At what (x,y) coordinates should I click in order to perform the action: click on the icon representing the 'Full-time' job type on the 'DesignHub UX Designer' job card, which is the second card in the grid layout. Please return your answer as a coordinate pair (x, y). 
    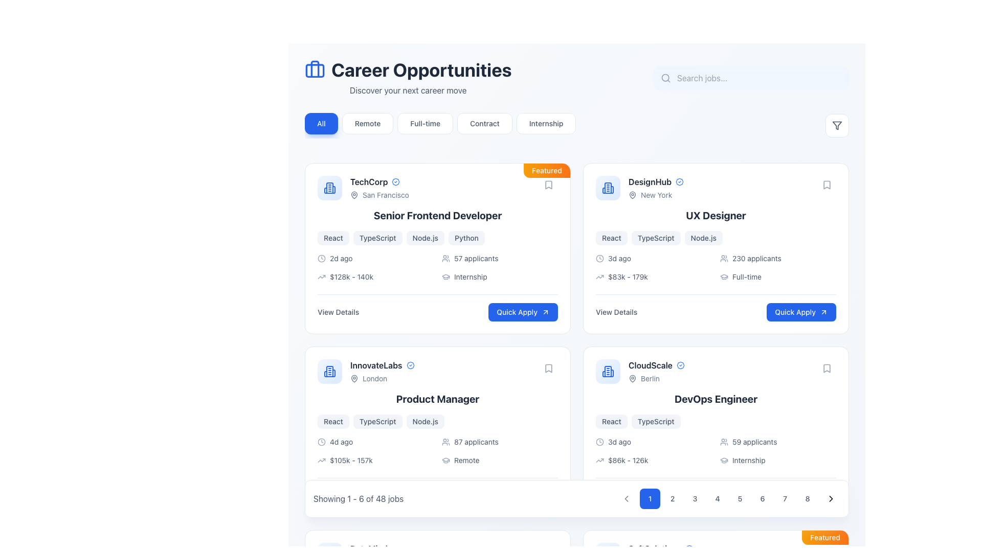
    Looking at the image, I should click on (724, 277).